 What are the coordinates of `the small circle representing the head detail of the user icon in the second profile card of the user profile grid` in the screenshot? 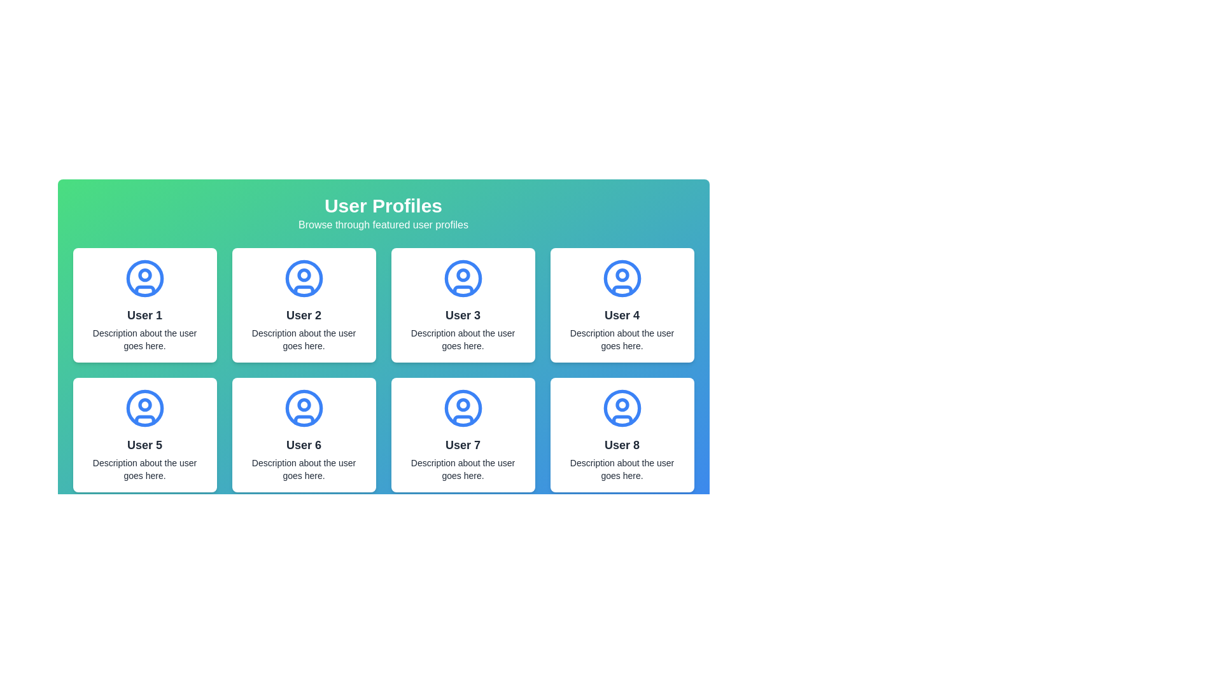 It's located at (303, 274).